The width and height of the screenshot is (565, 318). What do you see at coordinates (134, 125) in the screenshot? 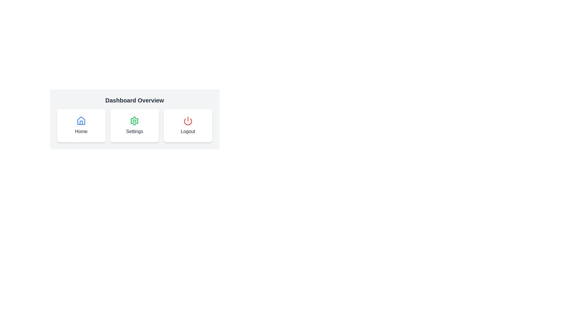
I see `the Settings button, which is the middle option in a linear arrangement of three modules (Home, Settings, Logout)` at bounding box center [134, 125].